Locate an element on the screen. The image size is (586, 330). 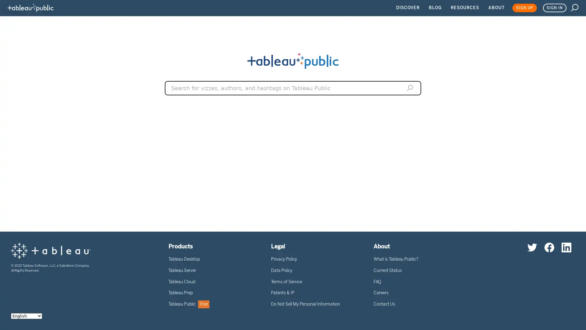
SIGN IN is located at coordinates (555, 8).